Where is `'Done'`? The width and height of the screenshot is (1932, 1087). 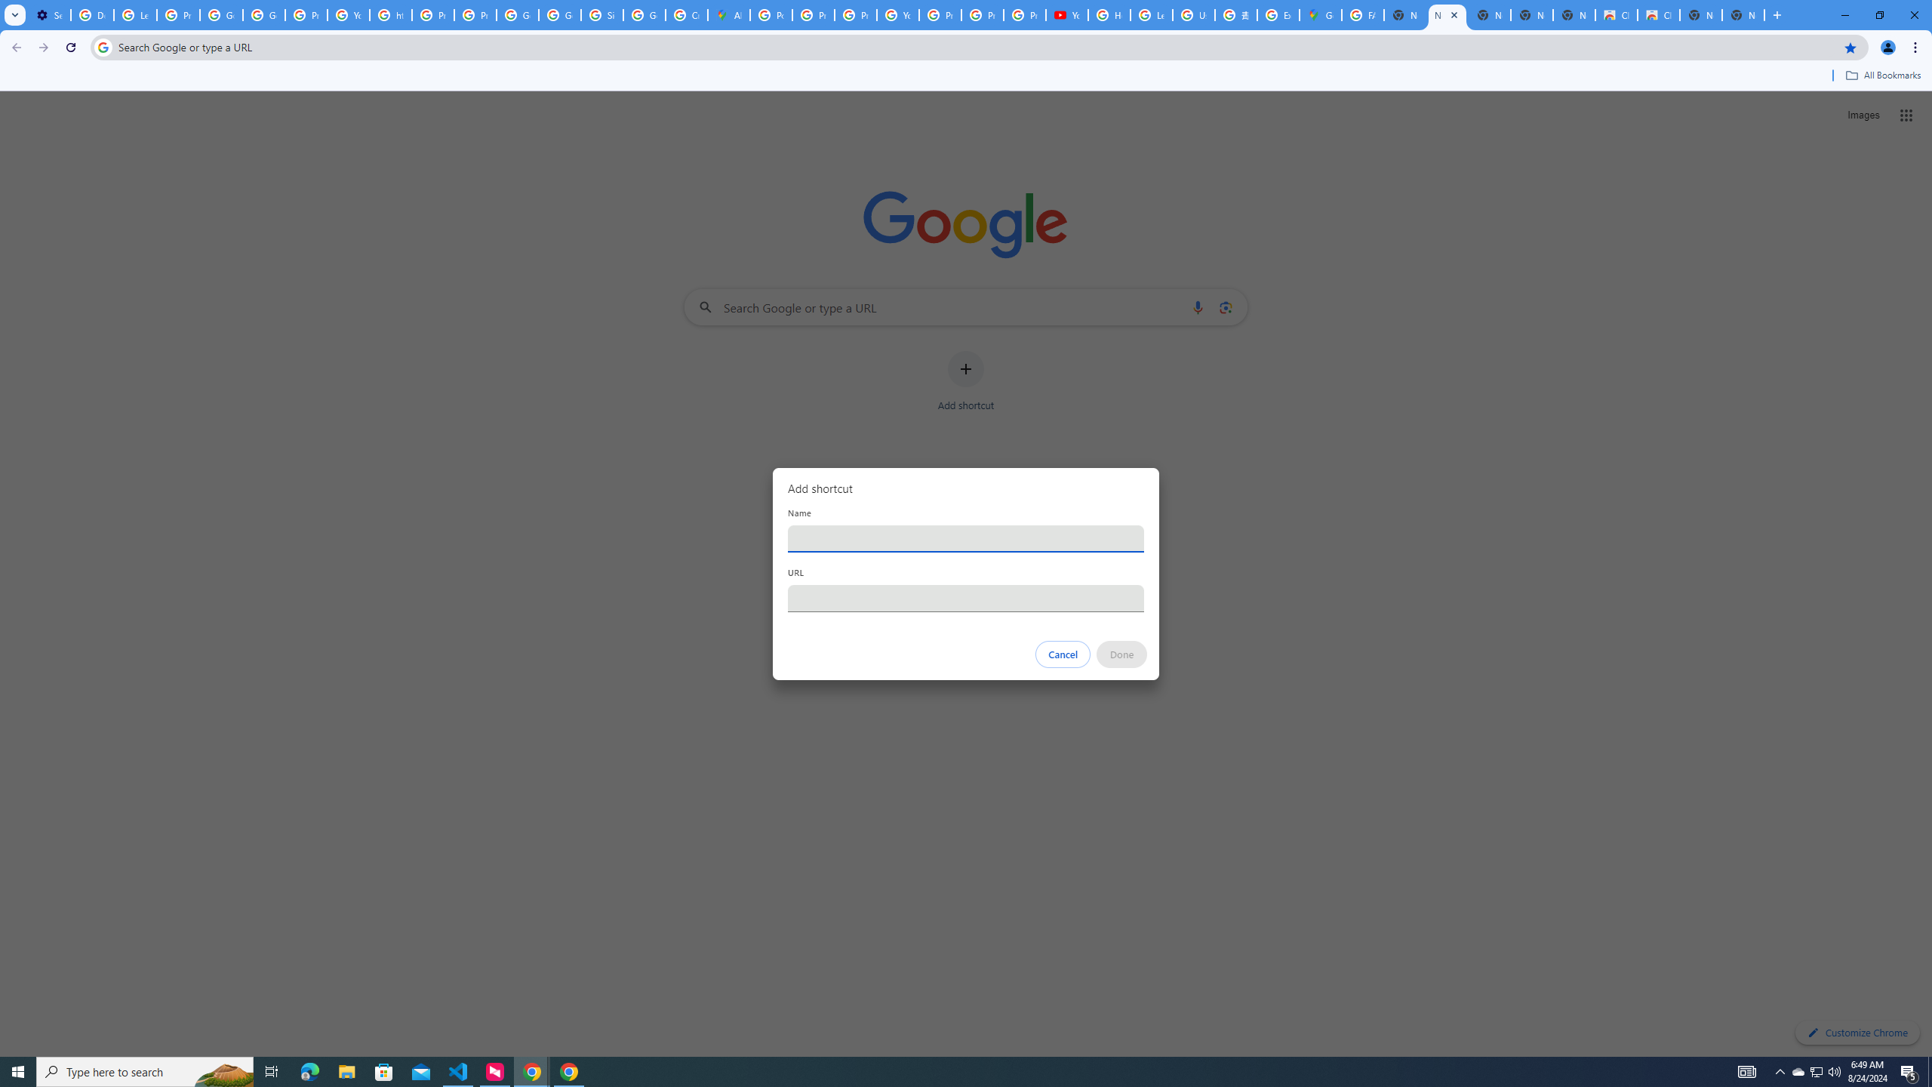 'Done' is located at coordinates (1122, 654).